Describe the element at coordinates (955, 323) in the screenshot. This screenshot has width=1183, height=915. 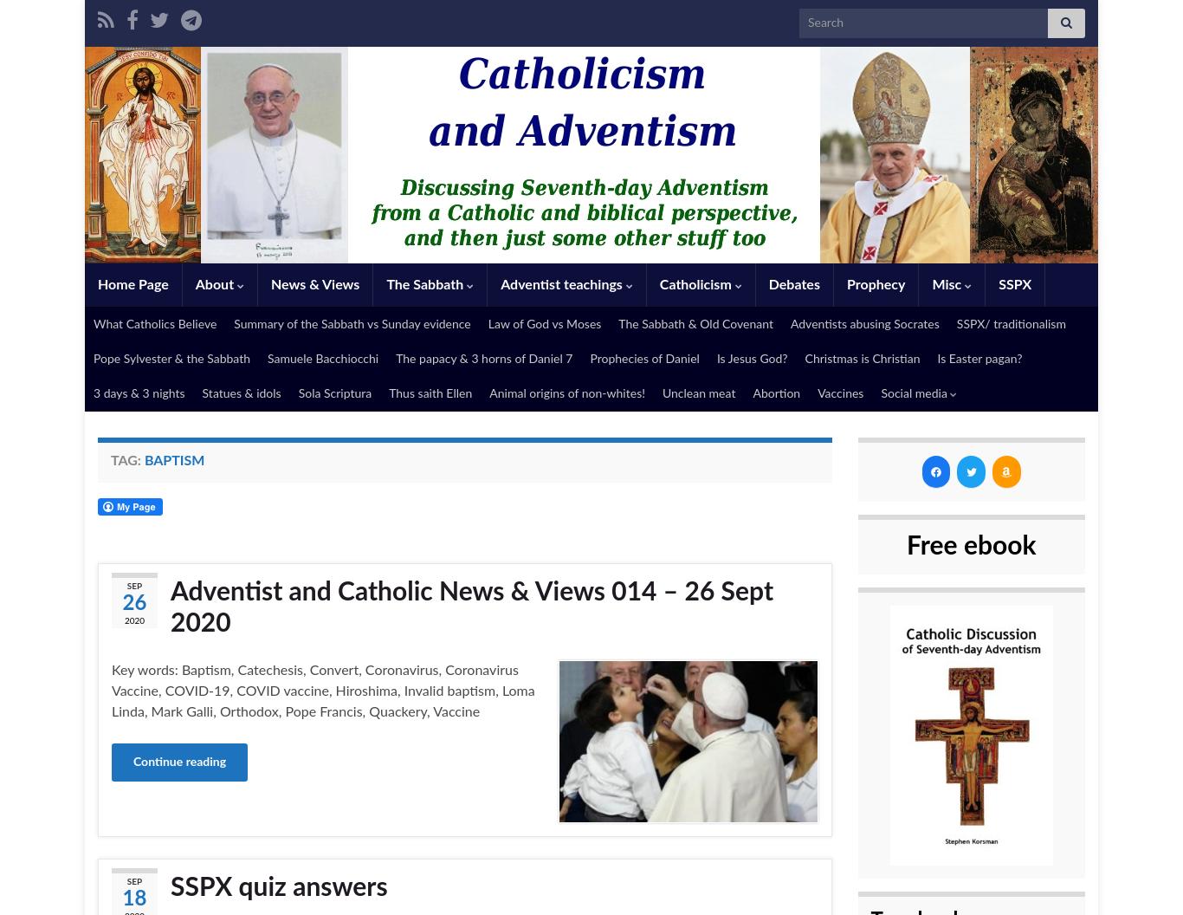
I see `'SSPX/ traditionalism'` at that location.